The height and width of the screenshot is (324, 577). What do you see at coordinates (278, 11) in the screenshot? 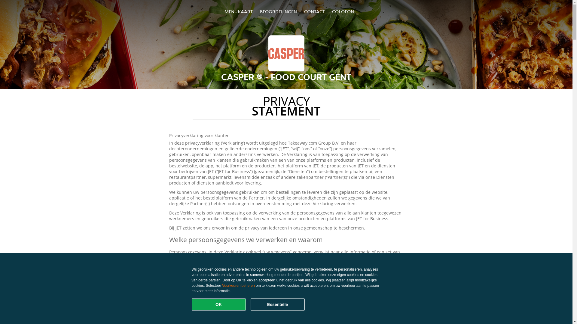
I see `'BEOORDELINGEN'` at bounding box center [278, 11].